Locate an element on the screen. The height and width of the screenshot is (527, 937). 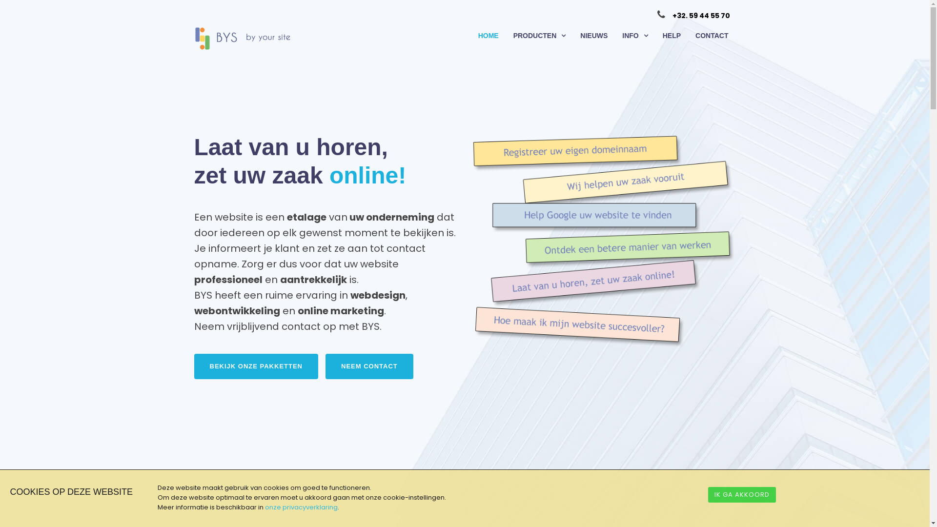
'INFO' is located at coordinates (634, 35).